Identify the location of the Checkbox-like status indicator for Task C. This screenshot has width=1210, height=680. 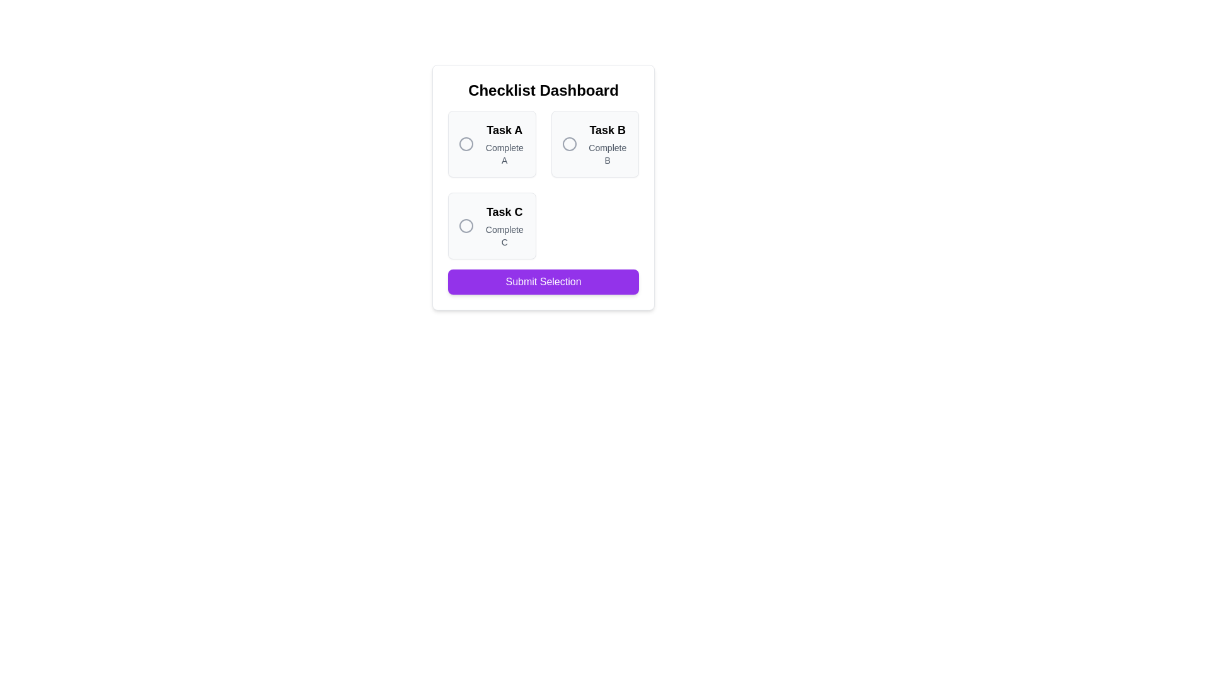
(465, 225).